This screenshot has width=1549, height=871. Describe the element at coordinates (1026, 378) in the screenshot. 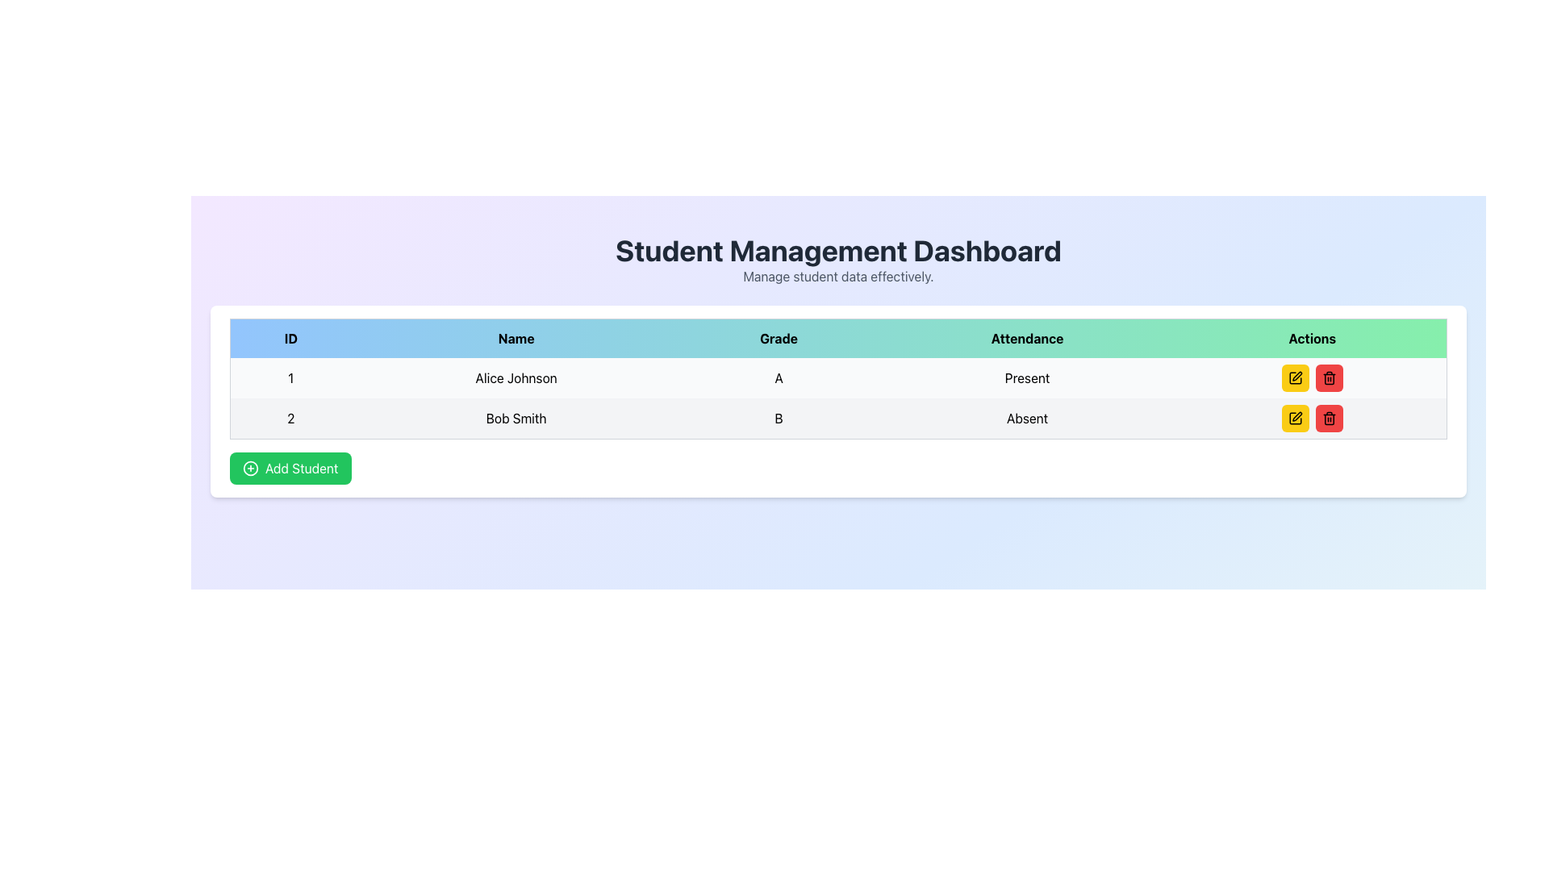

I see `the attendance status text for 'Alice Johnson' located in the fourth cell of the first row under the 'Attendance' header` at that location.